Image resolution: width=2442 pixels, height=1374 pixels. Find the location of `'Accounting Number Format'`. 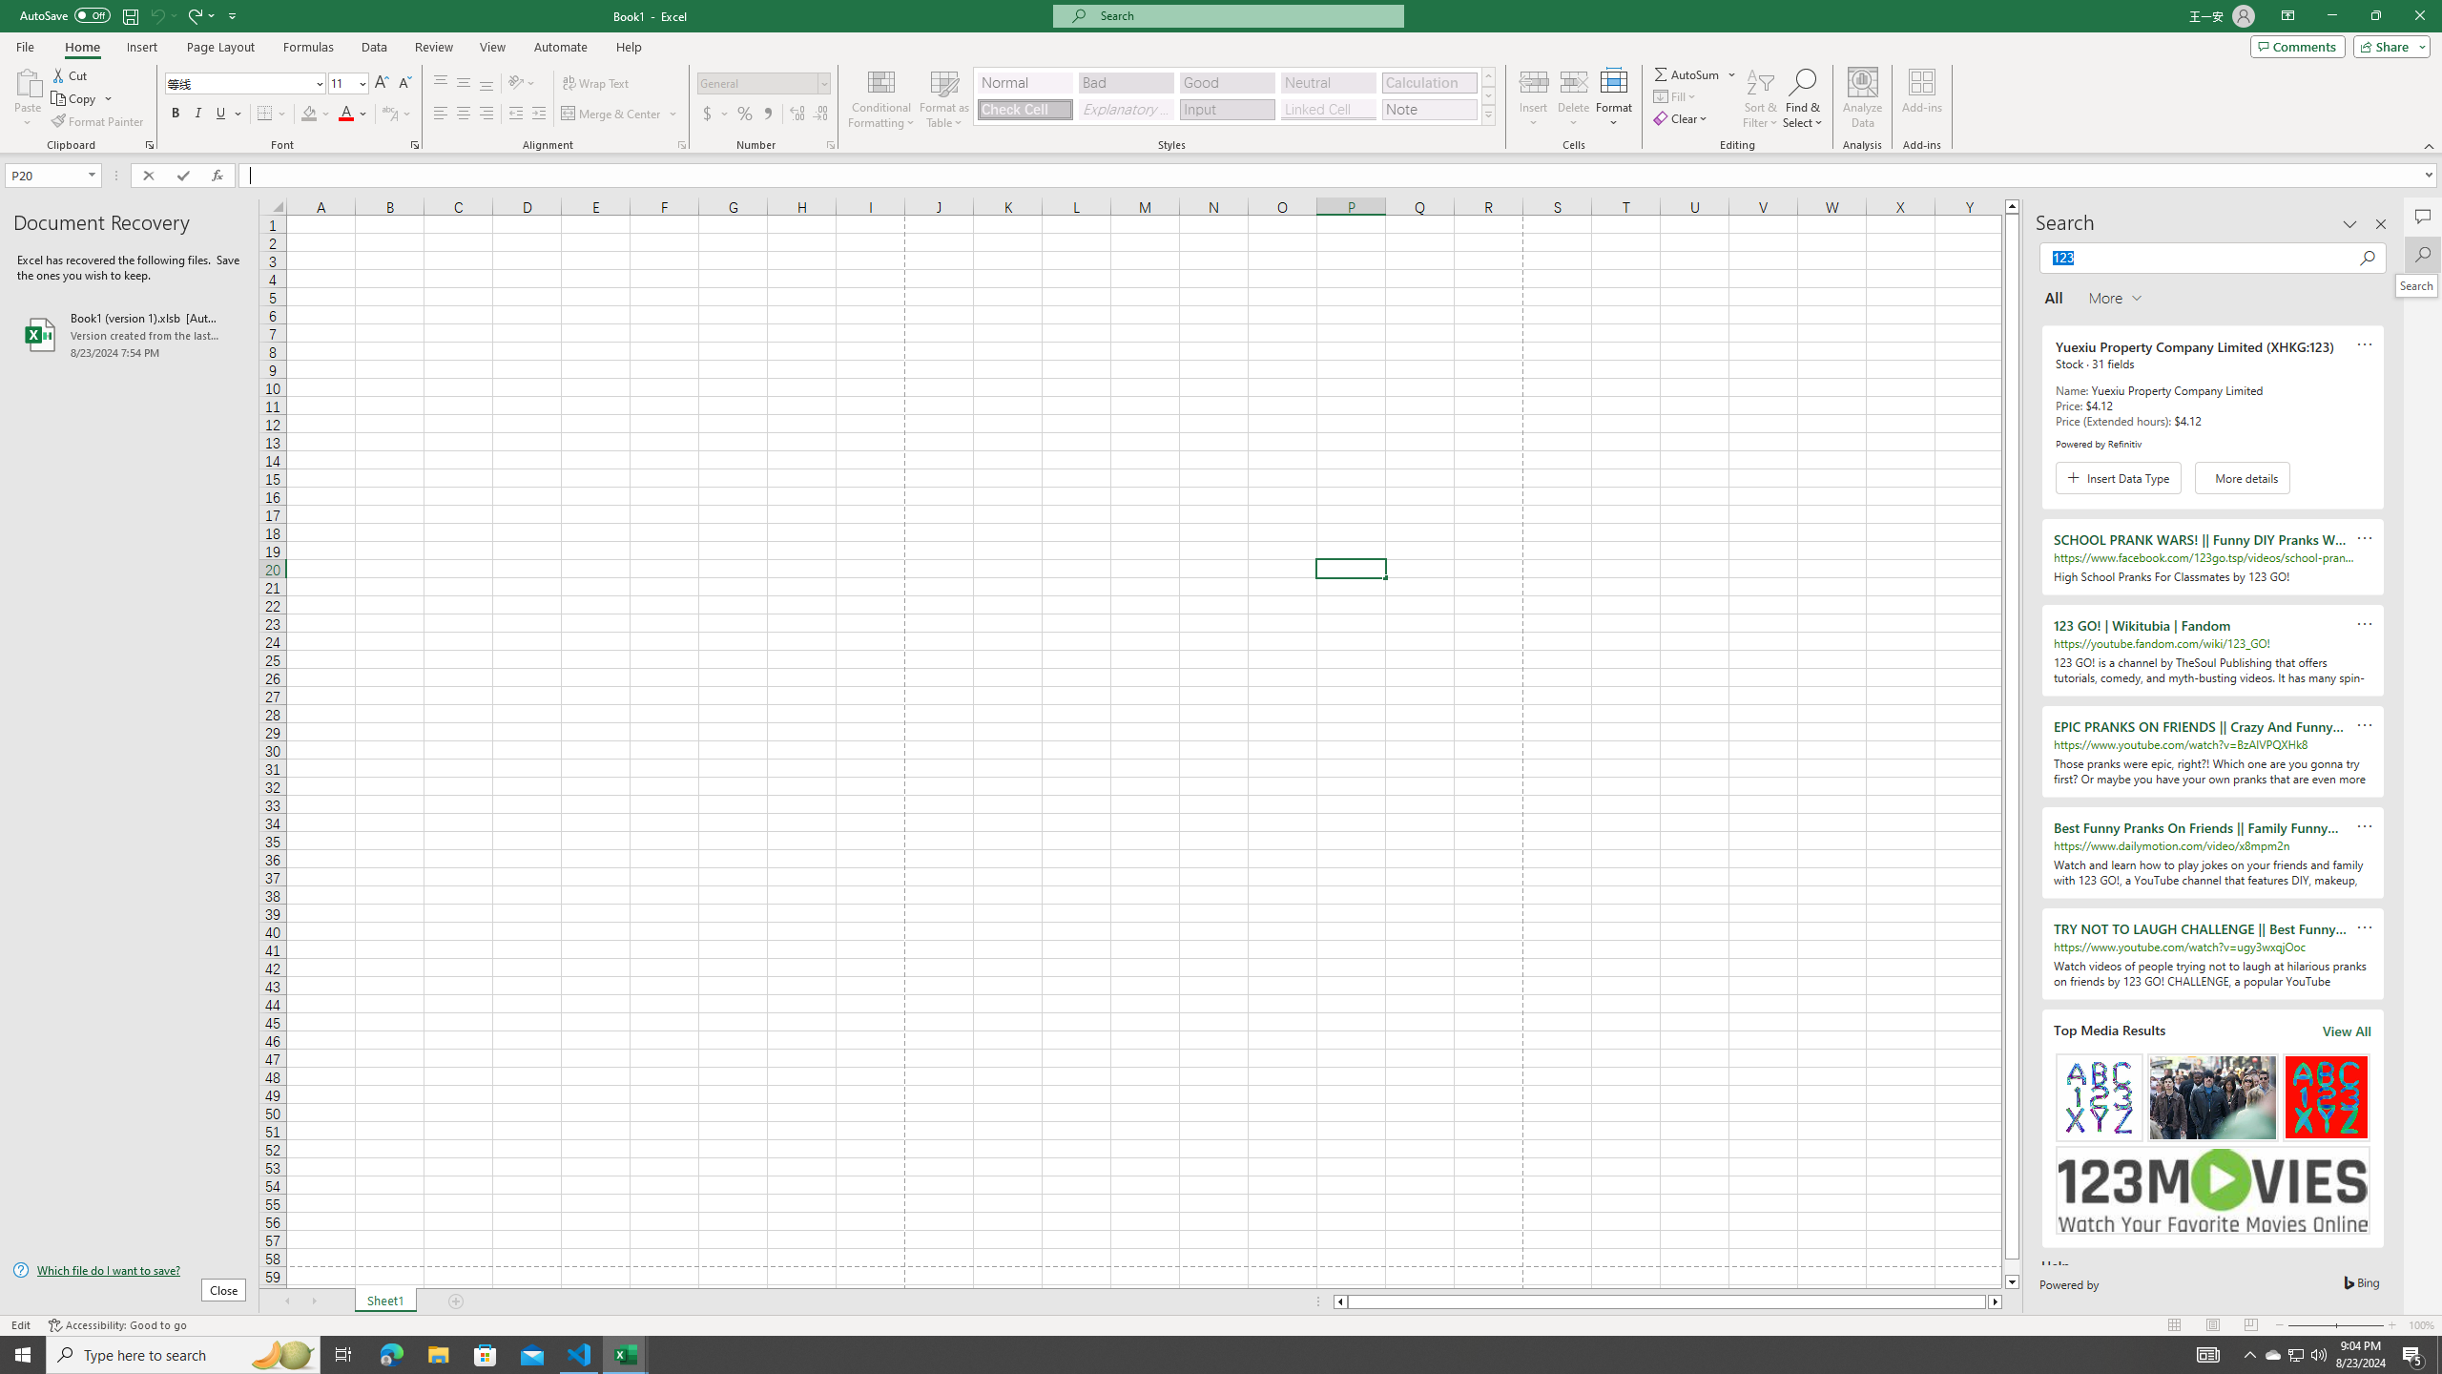

'Accounting Number Format' is located at coordinates (707, 113).